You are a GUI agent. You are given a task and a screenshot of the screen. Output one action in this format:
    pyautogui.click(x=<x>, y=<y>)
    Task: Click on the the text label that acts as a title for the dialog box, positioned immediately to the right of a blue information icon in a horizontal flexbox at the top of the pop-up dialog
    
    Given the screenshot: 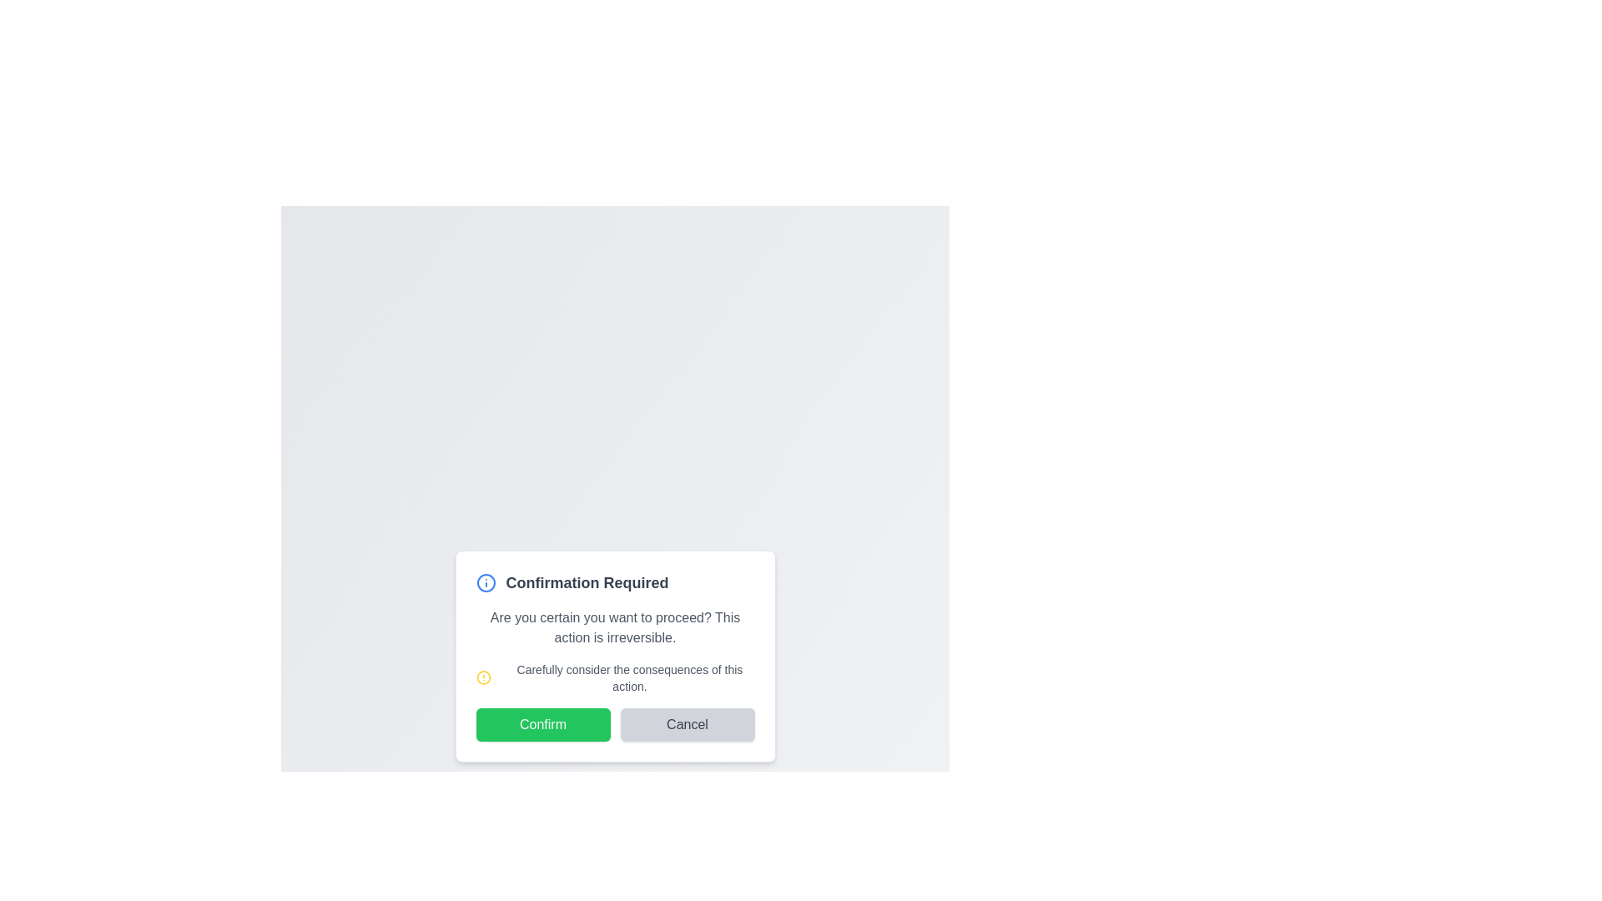 What is the action you would take?
    pyautogui.click(x=587, y=581)
    